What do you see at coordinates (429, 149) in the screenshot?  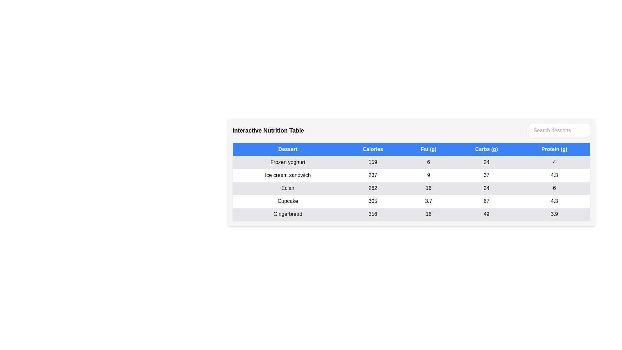 I see `the column header Fat (g)` at bounding box center [429, 149].